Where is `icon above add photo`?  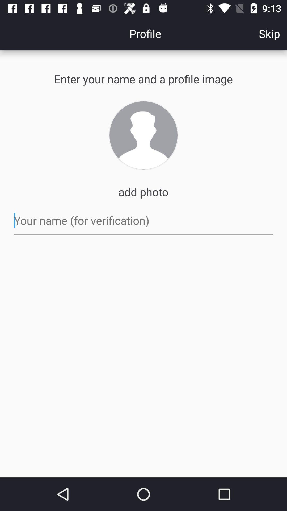
icon above add photo is located at coordinates (143, 135).